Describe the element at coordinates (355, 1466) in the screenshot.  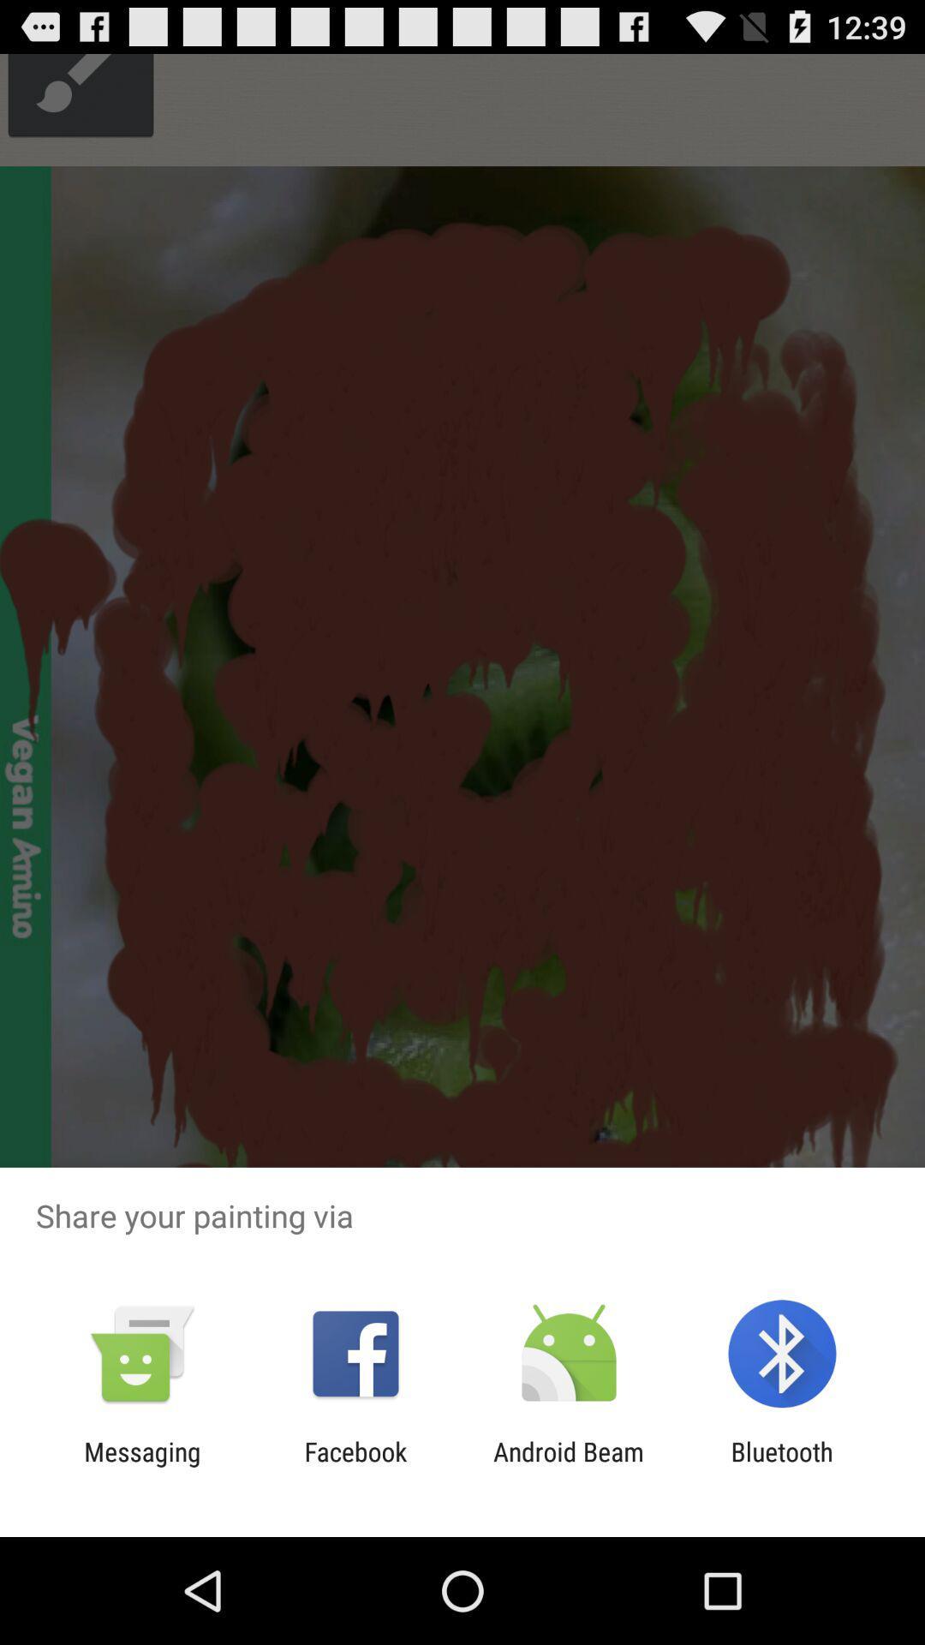
I see `facebook` at that location.